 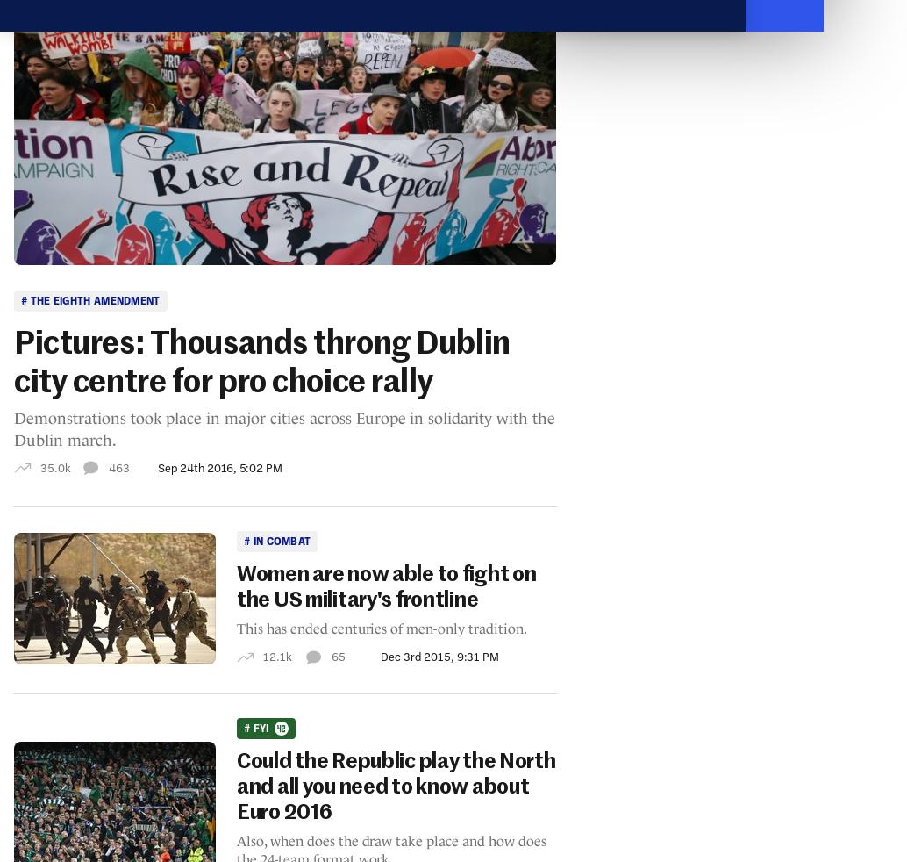 What do you see at coordinates (282, 427) in the screenshot?
I see `'Demonstrations took place in major cities across Europe in solidarity with the Dublin march.'` at bounding box center [282, 427].